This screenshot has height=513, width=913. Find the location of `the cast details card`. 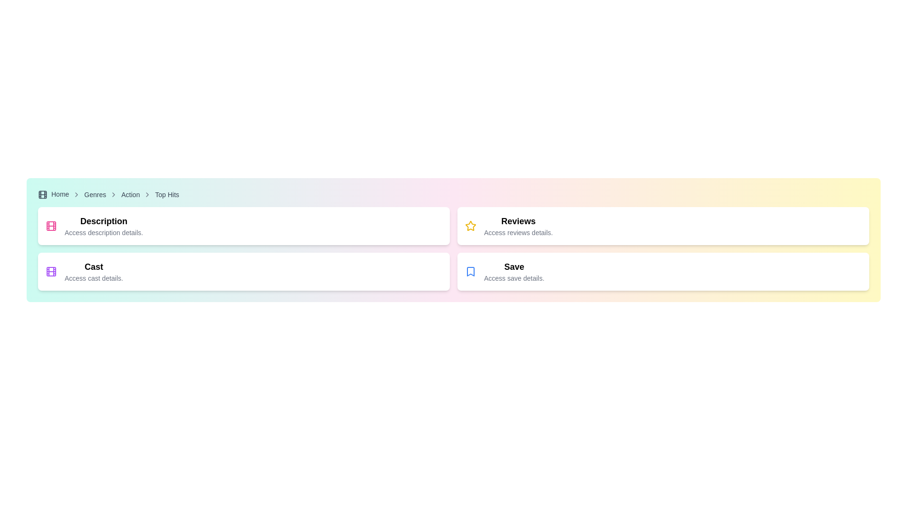

the cast details card is located at coordinates (244, 271).